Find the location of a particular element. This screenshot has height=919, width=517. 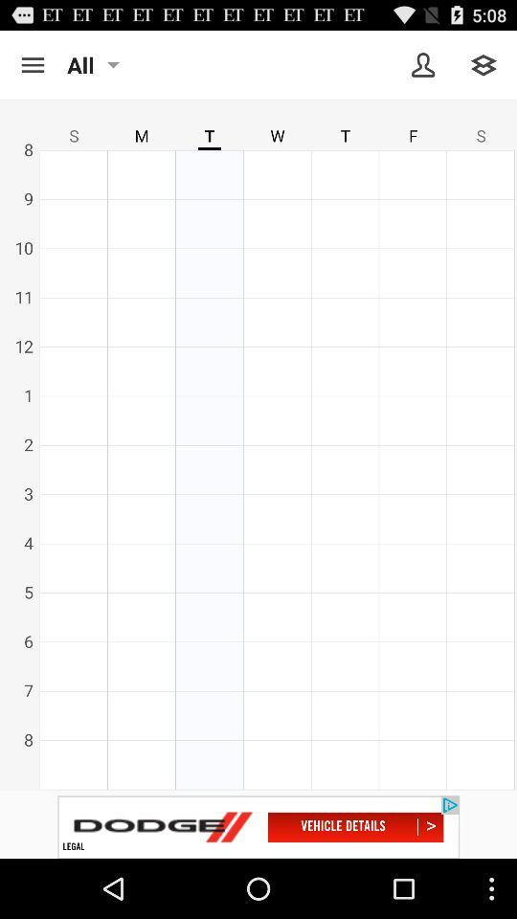

the avatar icon is located at coordinates (423, 70).